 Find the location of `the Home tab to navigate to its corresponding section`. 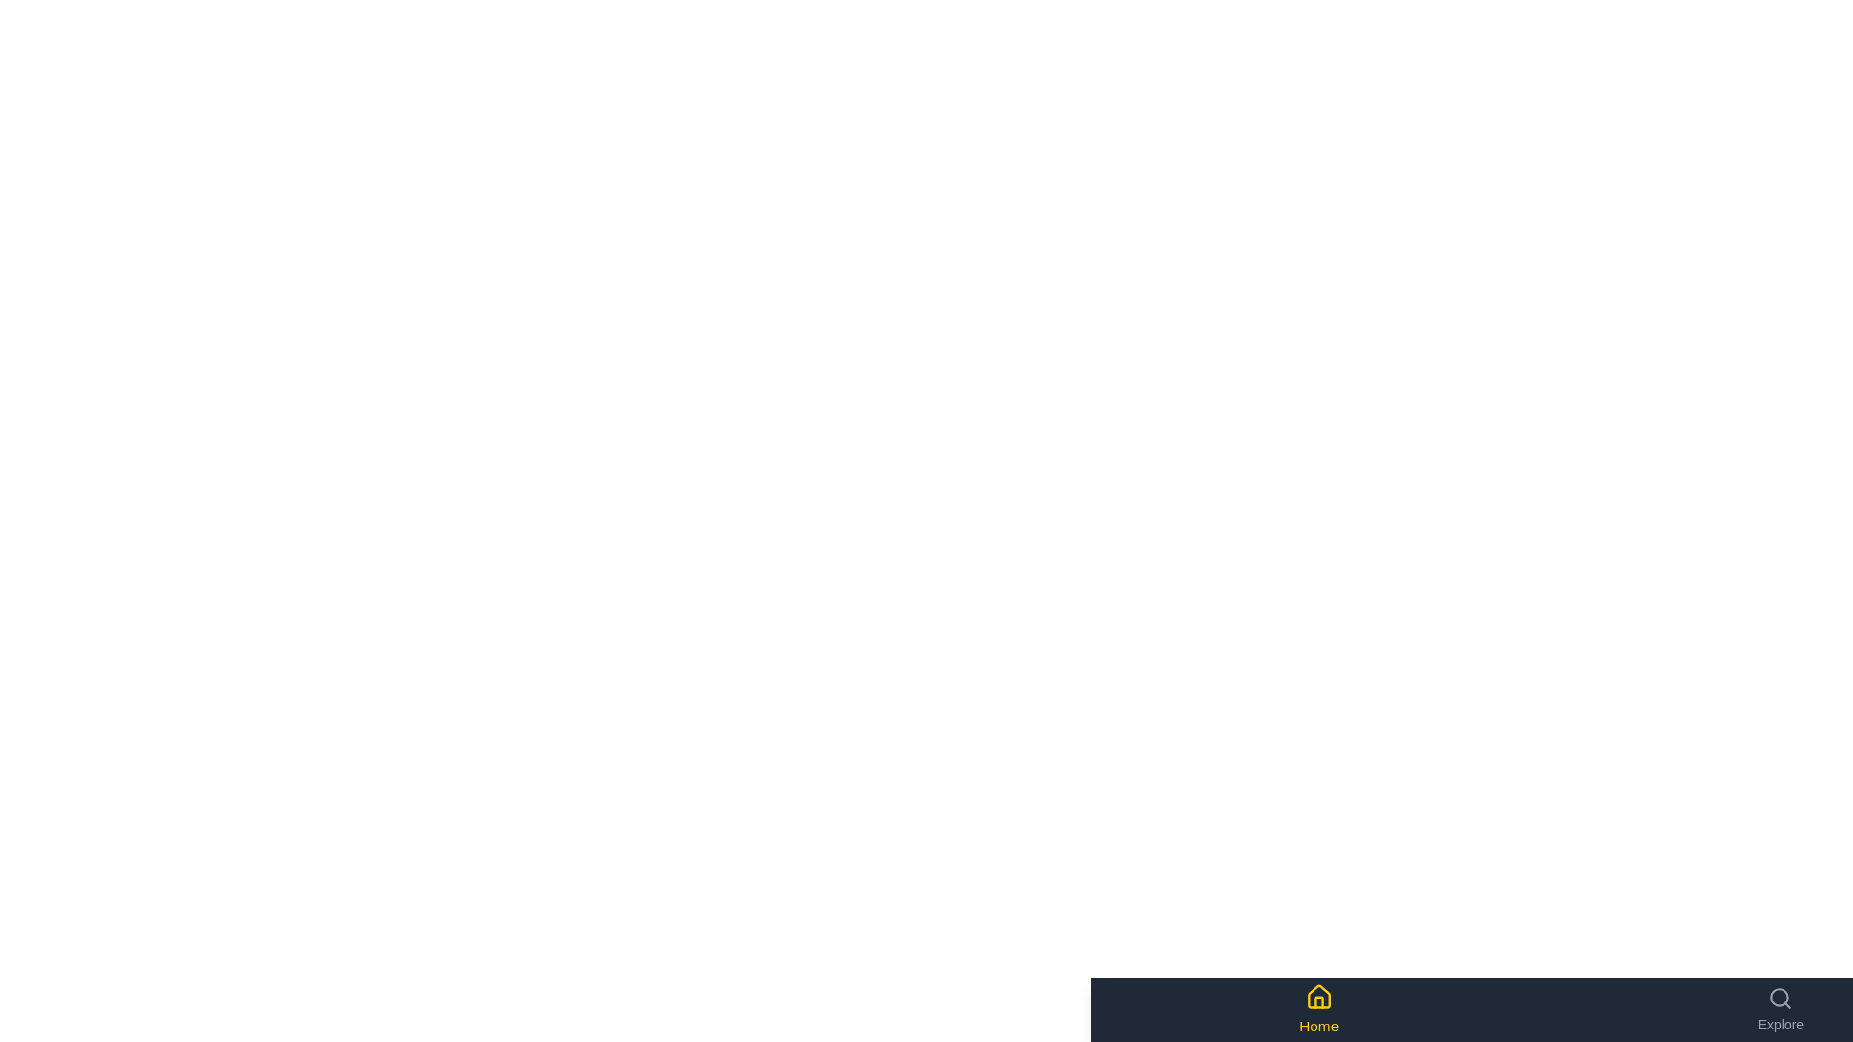

the Home tab to navigate to its corresponding section is located at coordinates (1317, 1008).